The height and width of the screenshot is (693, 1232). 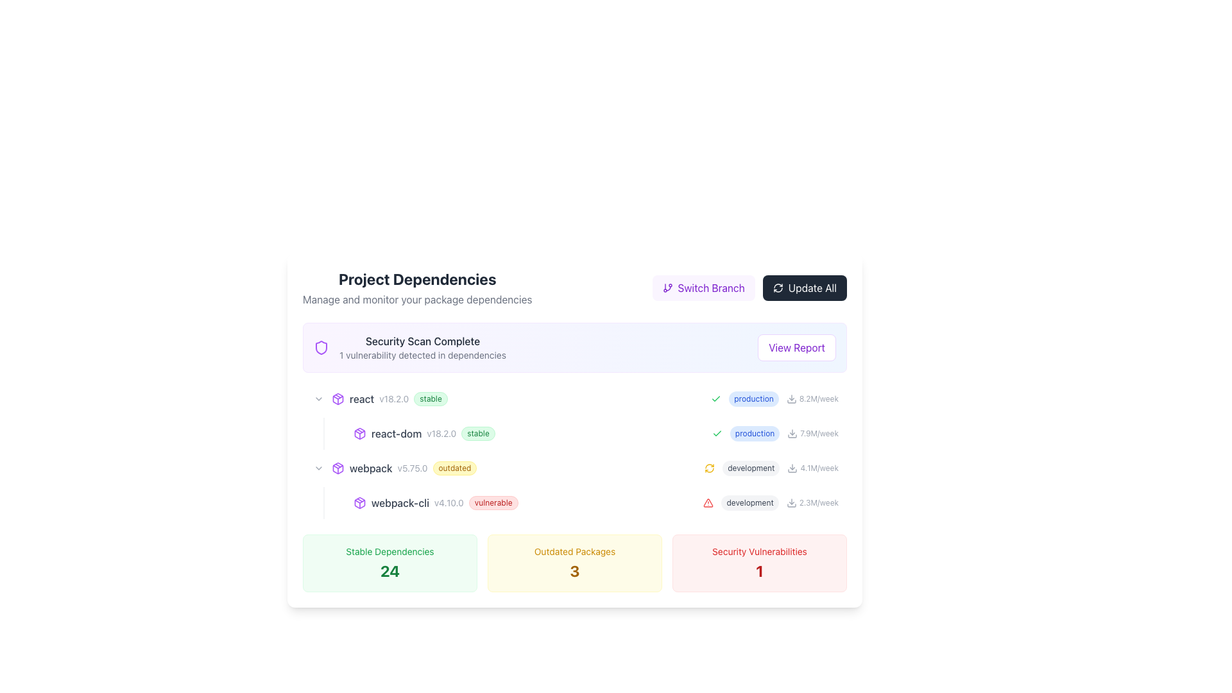 What do you see at coordinates (819, 433) in the screenshot?
I see `the text label displaying '7.9M/week', which is styled in gray and located to the right of the download icon in the dependencies list for the 'react-dom' package` at bounding box center [819, 433].